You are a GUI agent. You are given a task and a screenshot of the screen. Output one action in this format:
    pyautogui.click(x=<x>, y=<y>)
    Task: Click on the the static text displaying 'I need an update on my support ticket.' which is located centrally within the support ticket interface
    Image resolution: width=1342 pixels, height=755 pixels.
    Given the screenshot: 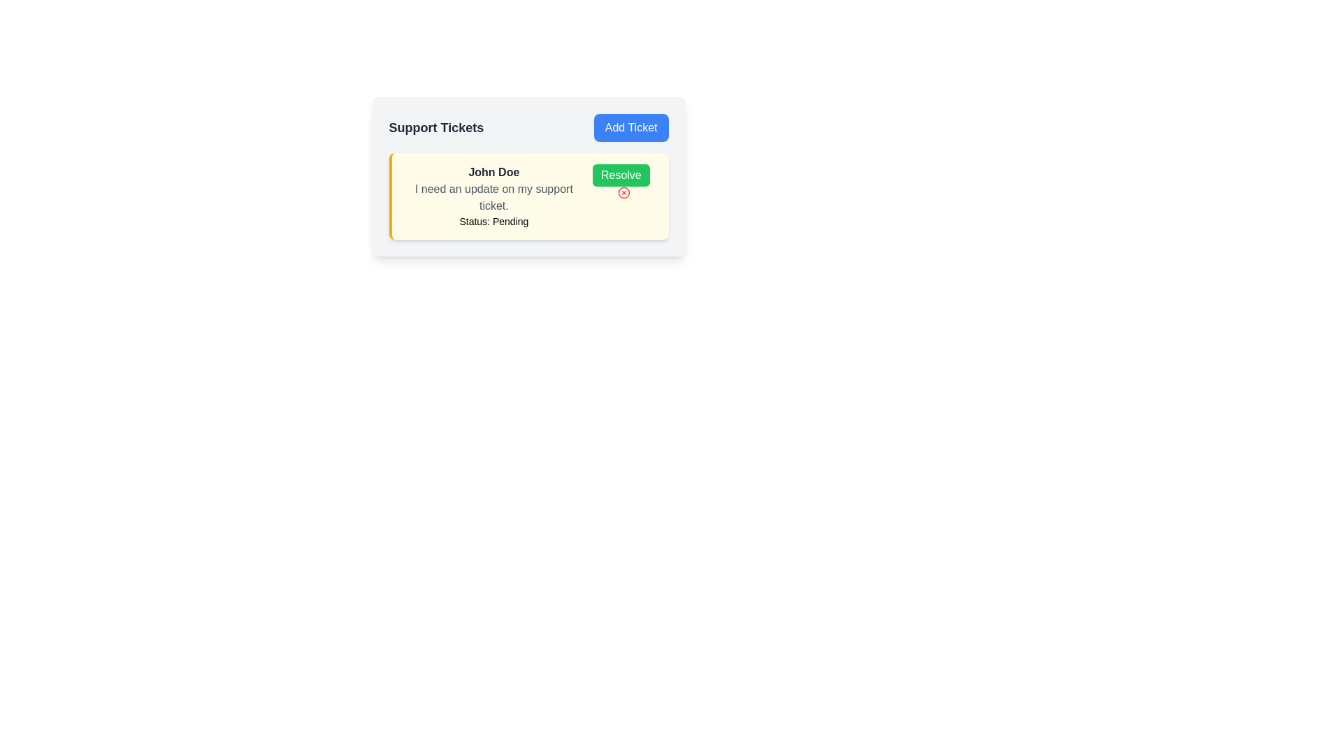 What is the action you would take?
    pyautogui.click(x=493, y=197)
    